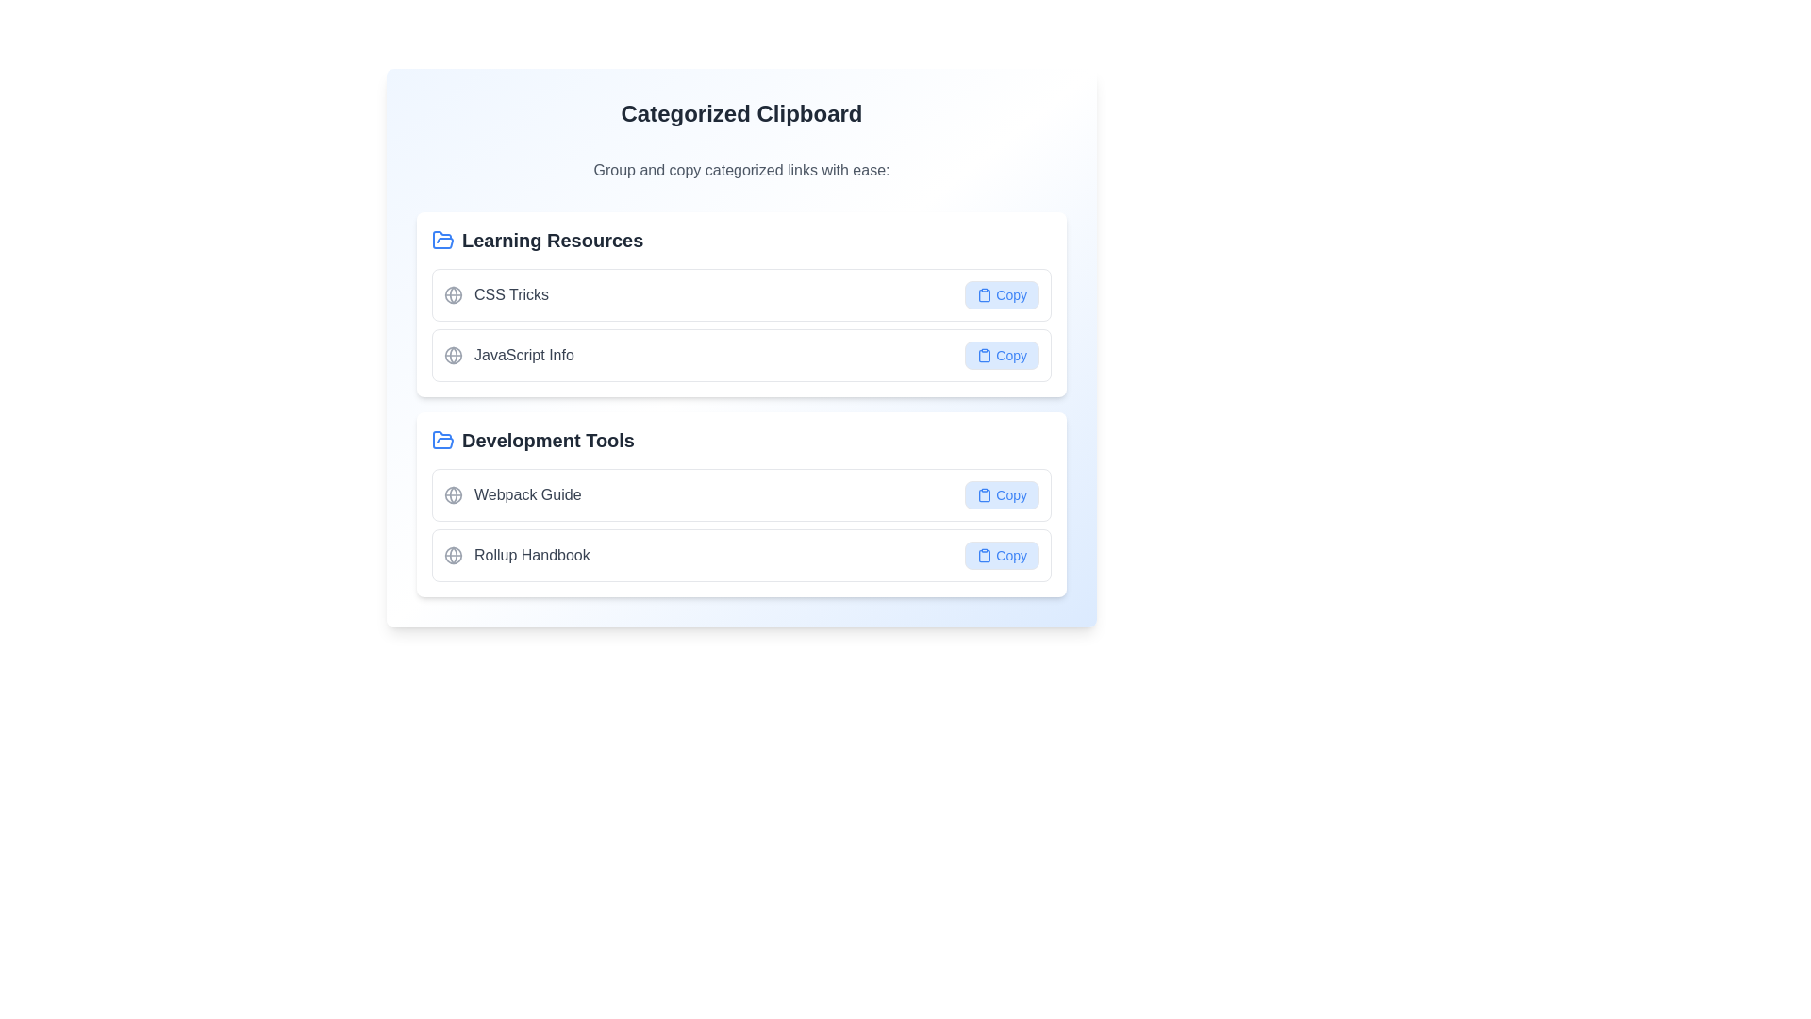  Describe the element at coordinates (1001, 493) in the screenshot. I see `the 'Copy' button with rounded edges, light blue background, and clipboard icon located on the far right side of the third row labeled 'Development Tools' under 'Webpack Guide' to copy the content` at that location.